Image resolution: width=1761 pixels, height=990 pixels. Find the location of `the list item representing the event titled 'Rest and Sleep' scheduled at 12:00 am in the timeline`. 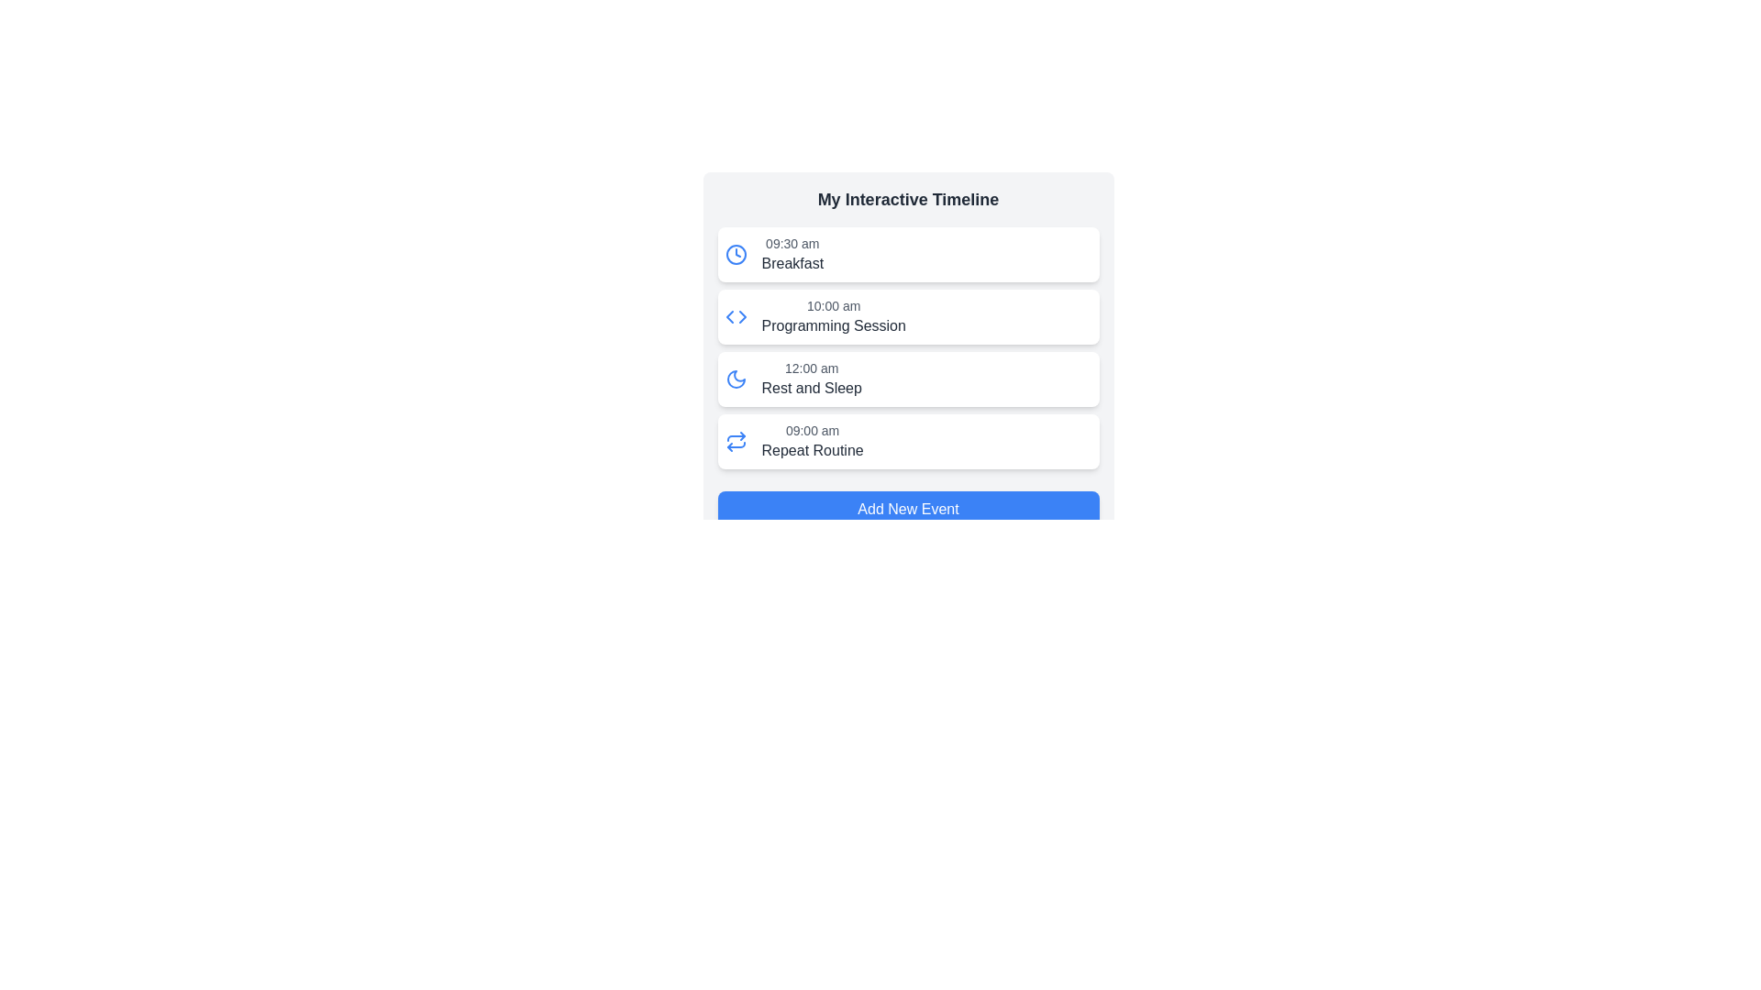

the list item representing the event titled 'Rest and Sleep' scheduled at 12:00 am in the timeline is located at coordinates (793, 378).